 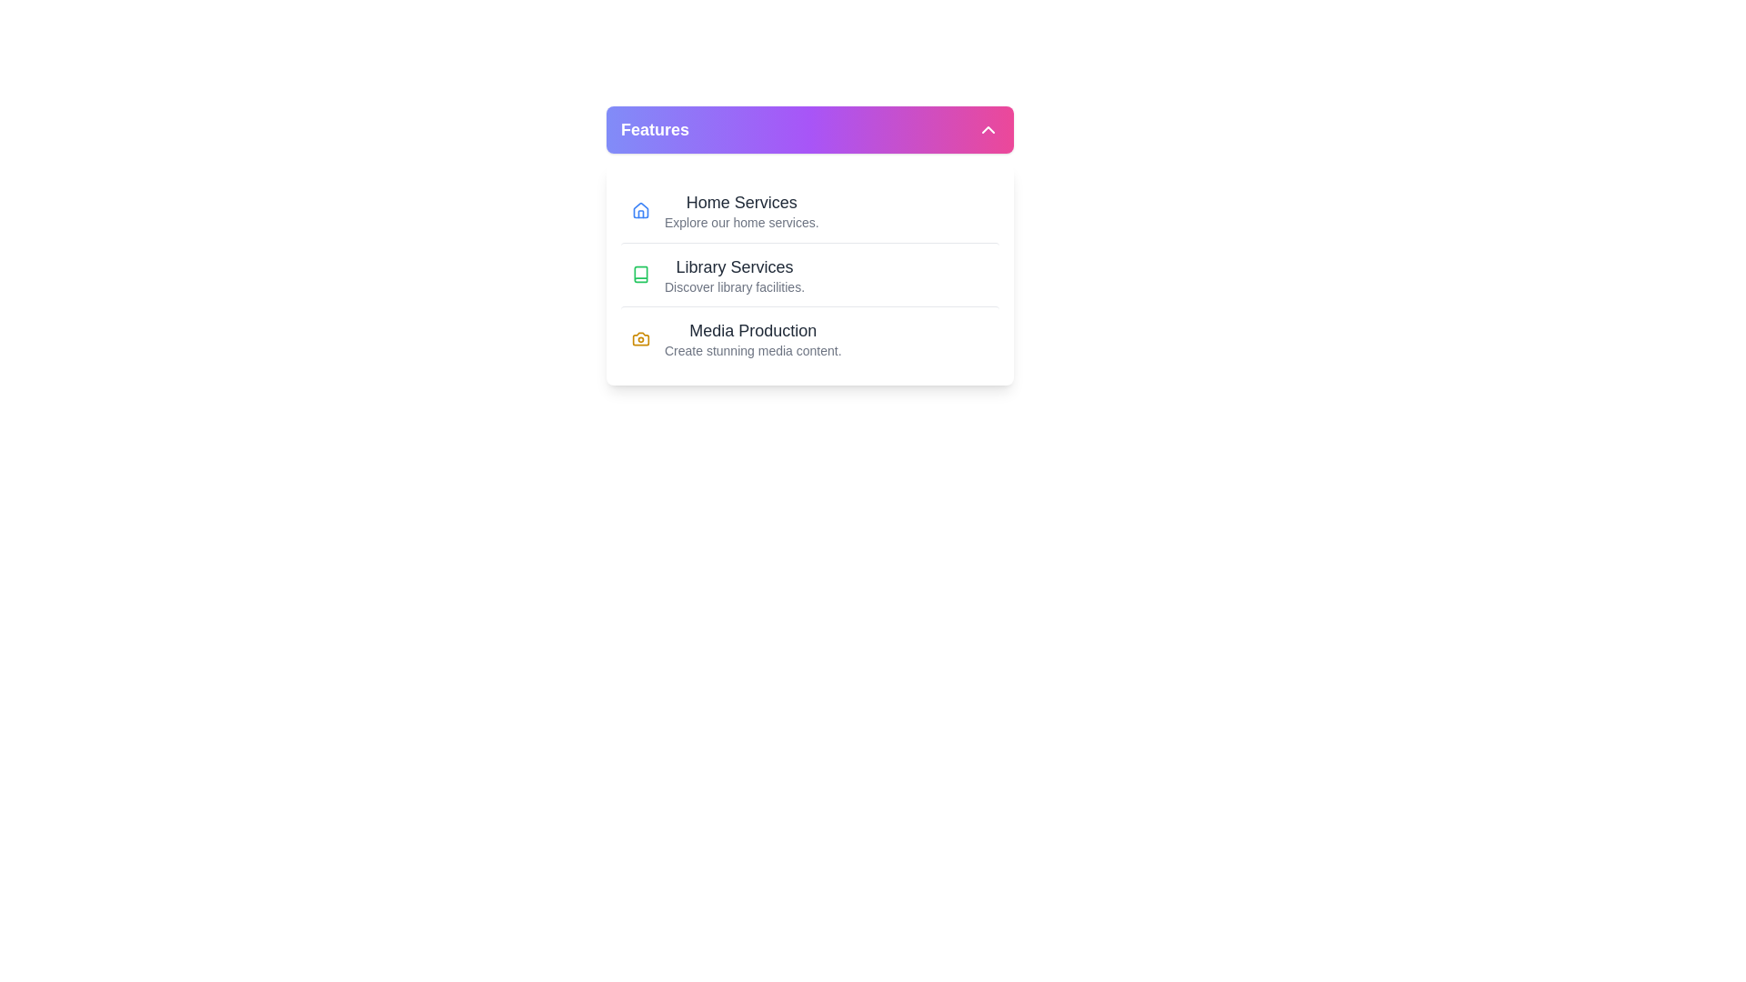 What do you see at coordinates (734, 266) in the screenshot?
I see `the 'Library Services' text label which serves as the title for the second option in a vertical list of services` at bounding box center [734, 266].